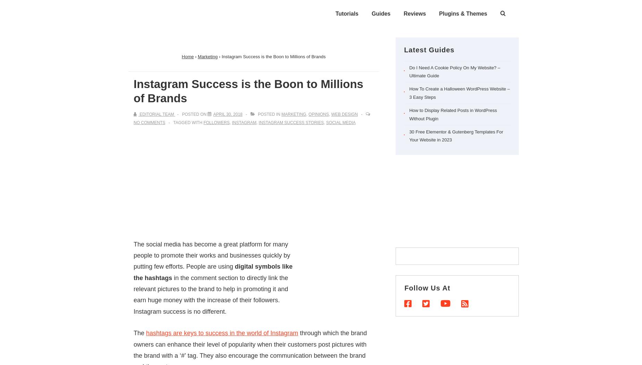 This screenshot has width=642, height=365. What do you see at coordinates (429, 50) in the screenshot?
I see `'Latest Guides'` at bounding box center [429, 50].